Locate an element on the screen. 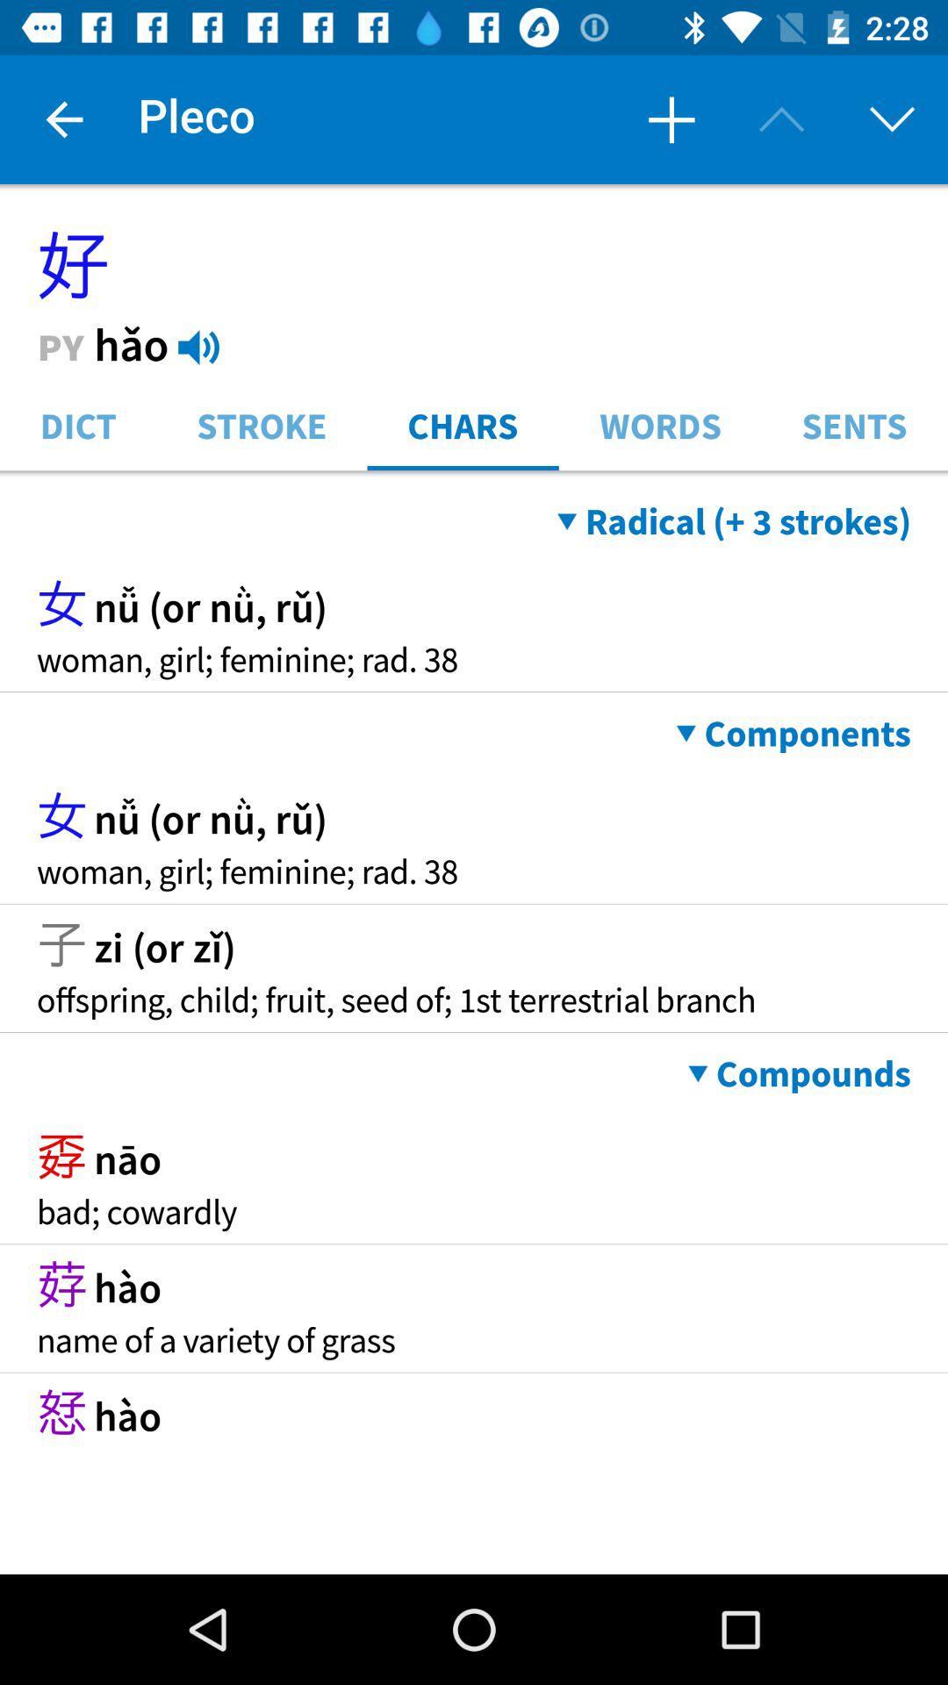  the item next to the sents is located at coordinates (660, 424).